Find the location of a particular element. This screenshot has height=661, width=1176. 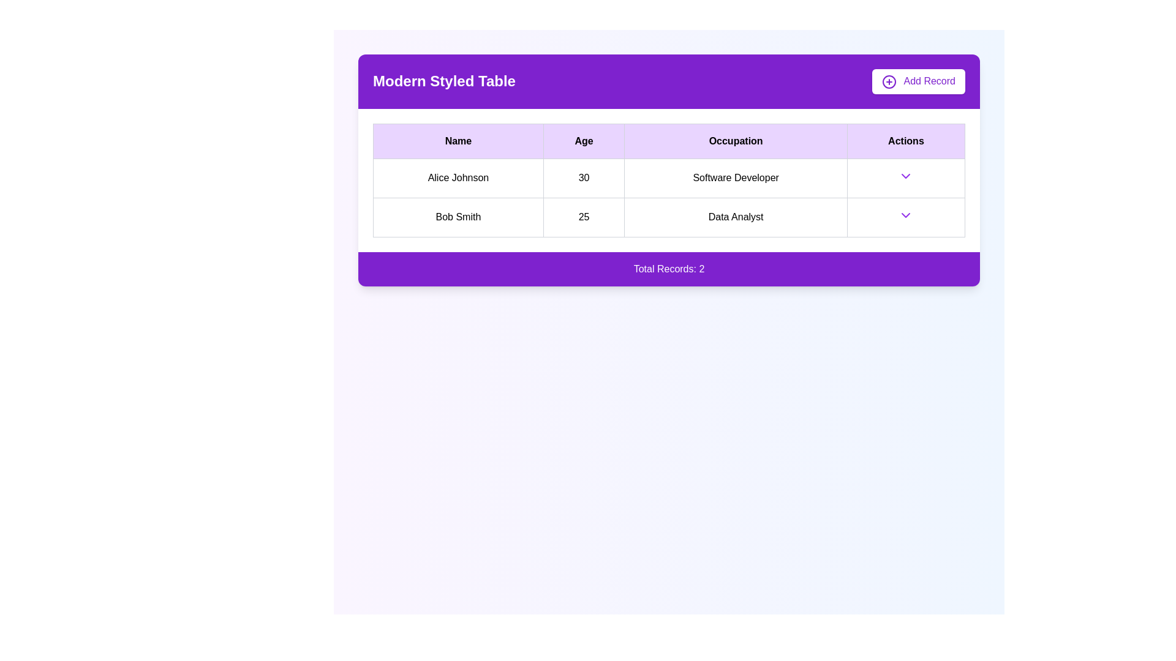

the Toggle icon located in the last cell of the second row under the 'Actions' column is located at coordinates (906, 217).